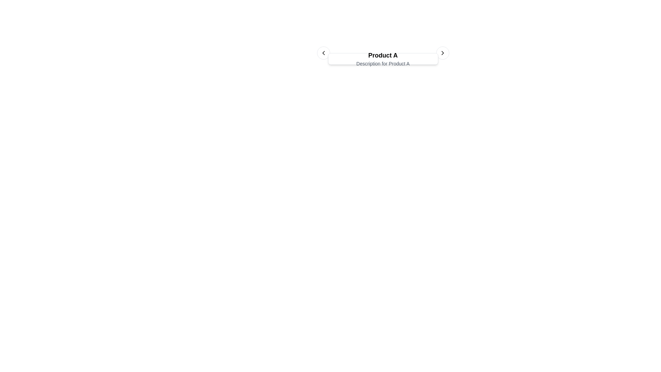 This screenshot has width=661, height=372. What do you see at coordinates (382, 53) in the screenshot?
I see `displayed product information from the central text display of the product carousel, which includes the product's title and description` at bounding box center [382, 53].